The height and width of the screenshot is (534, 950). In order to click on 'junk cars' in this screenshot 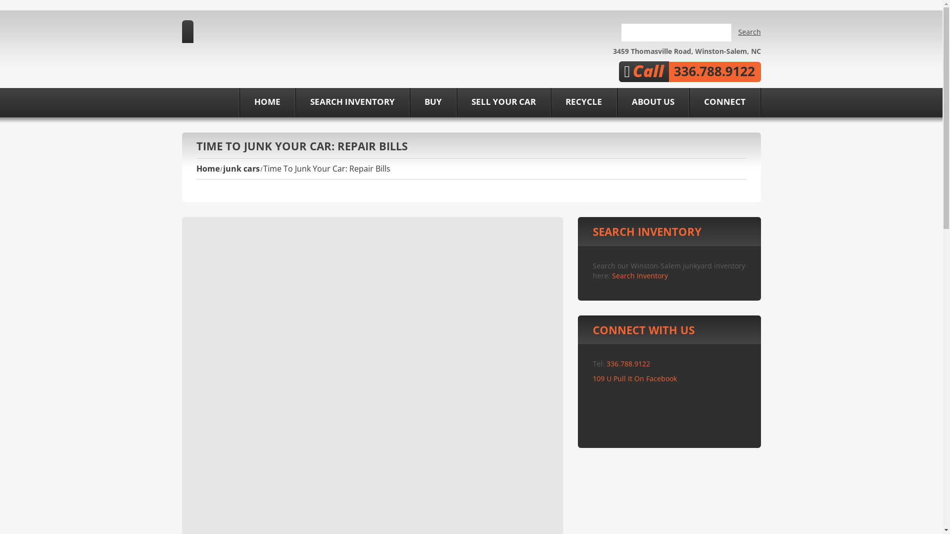, I will do `click(223, 168)`.